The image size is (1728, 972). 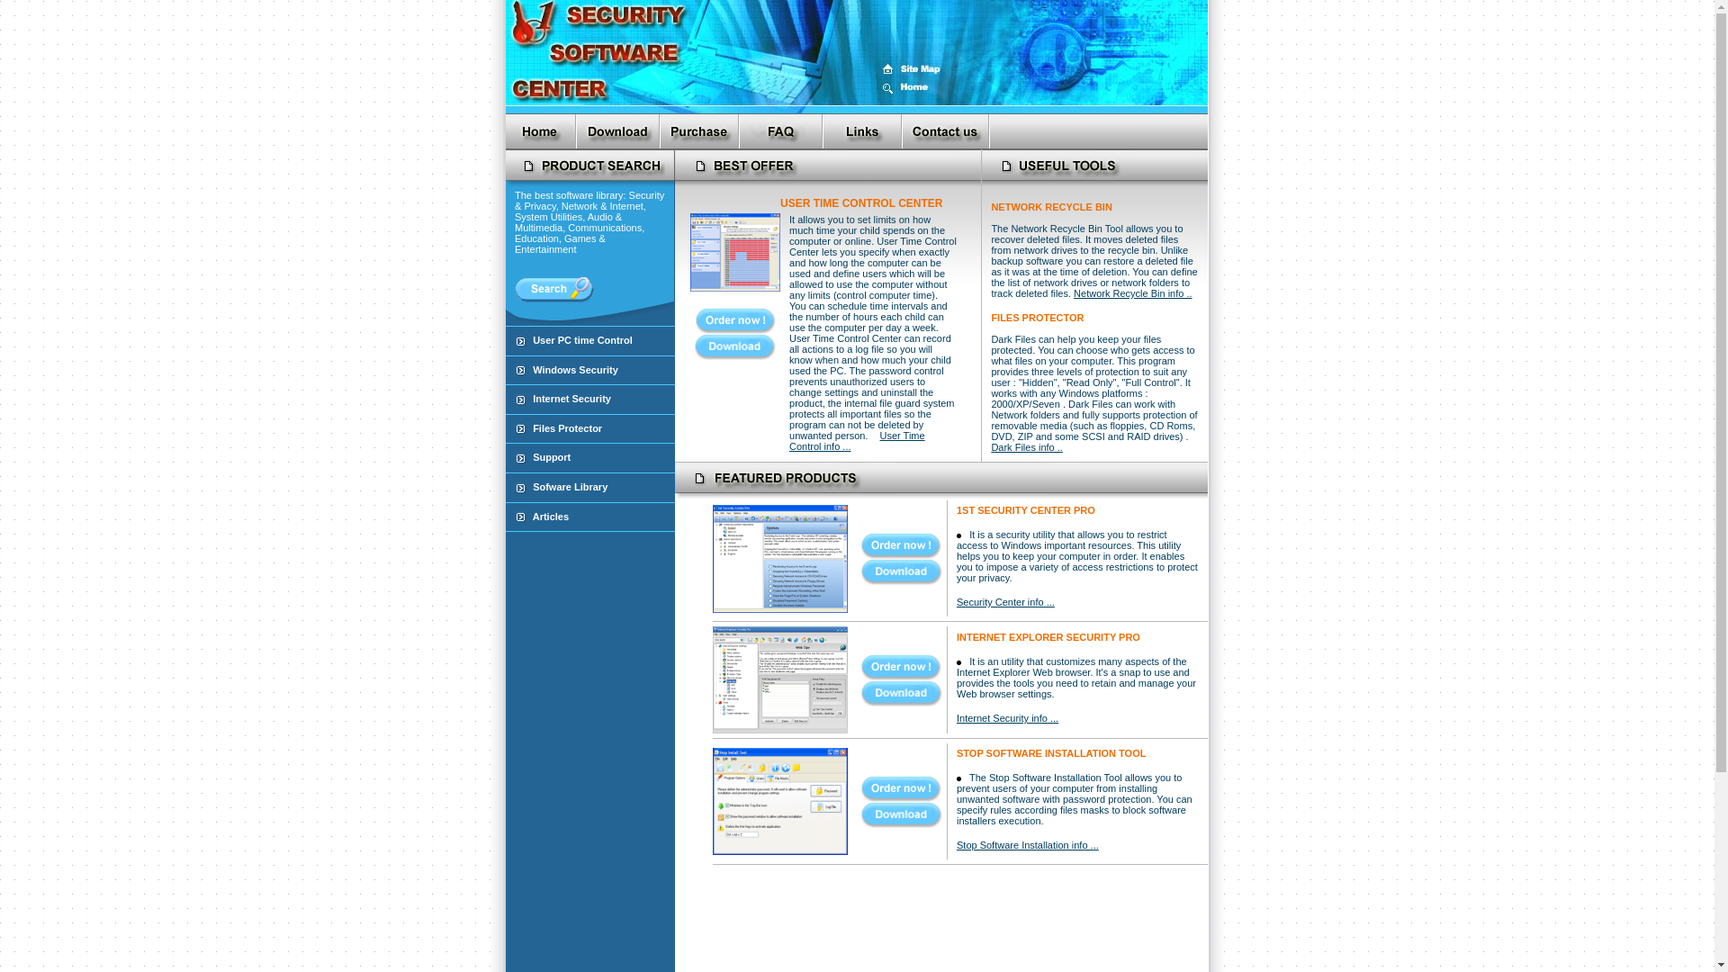 What do you see at coordinates (789, 445) in the screenshot?
I see `'User Time Control info ...'` at bounding box center [789, 445].